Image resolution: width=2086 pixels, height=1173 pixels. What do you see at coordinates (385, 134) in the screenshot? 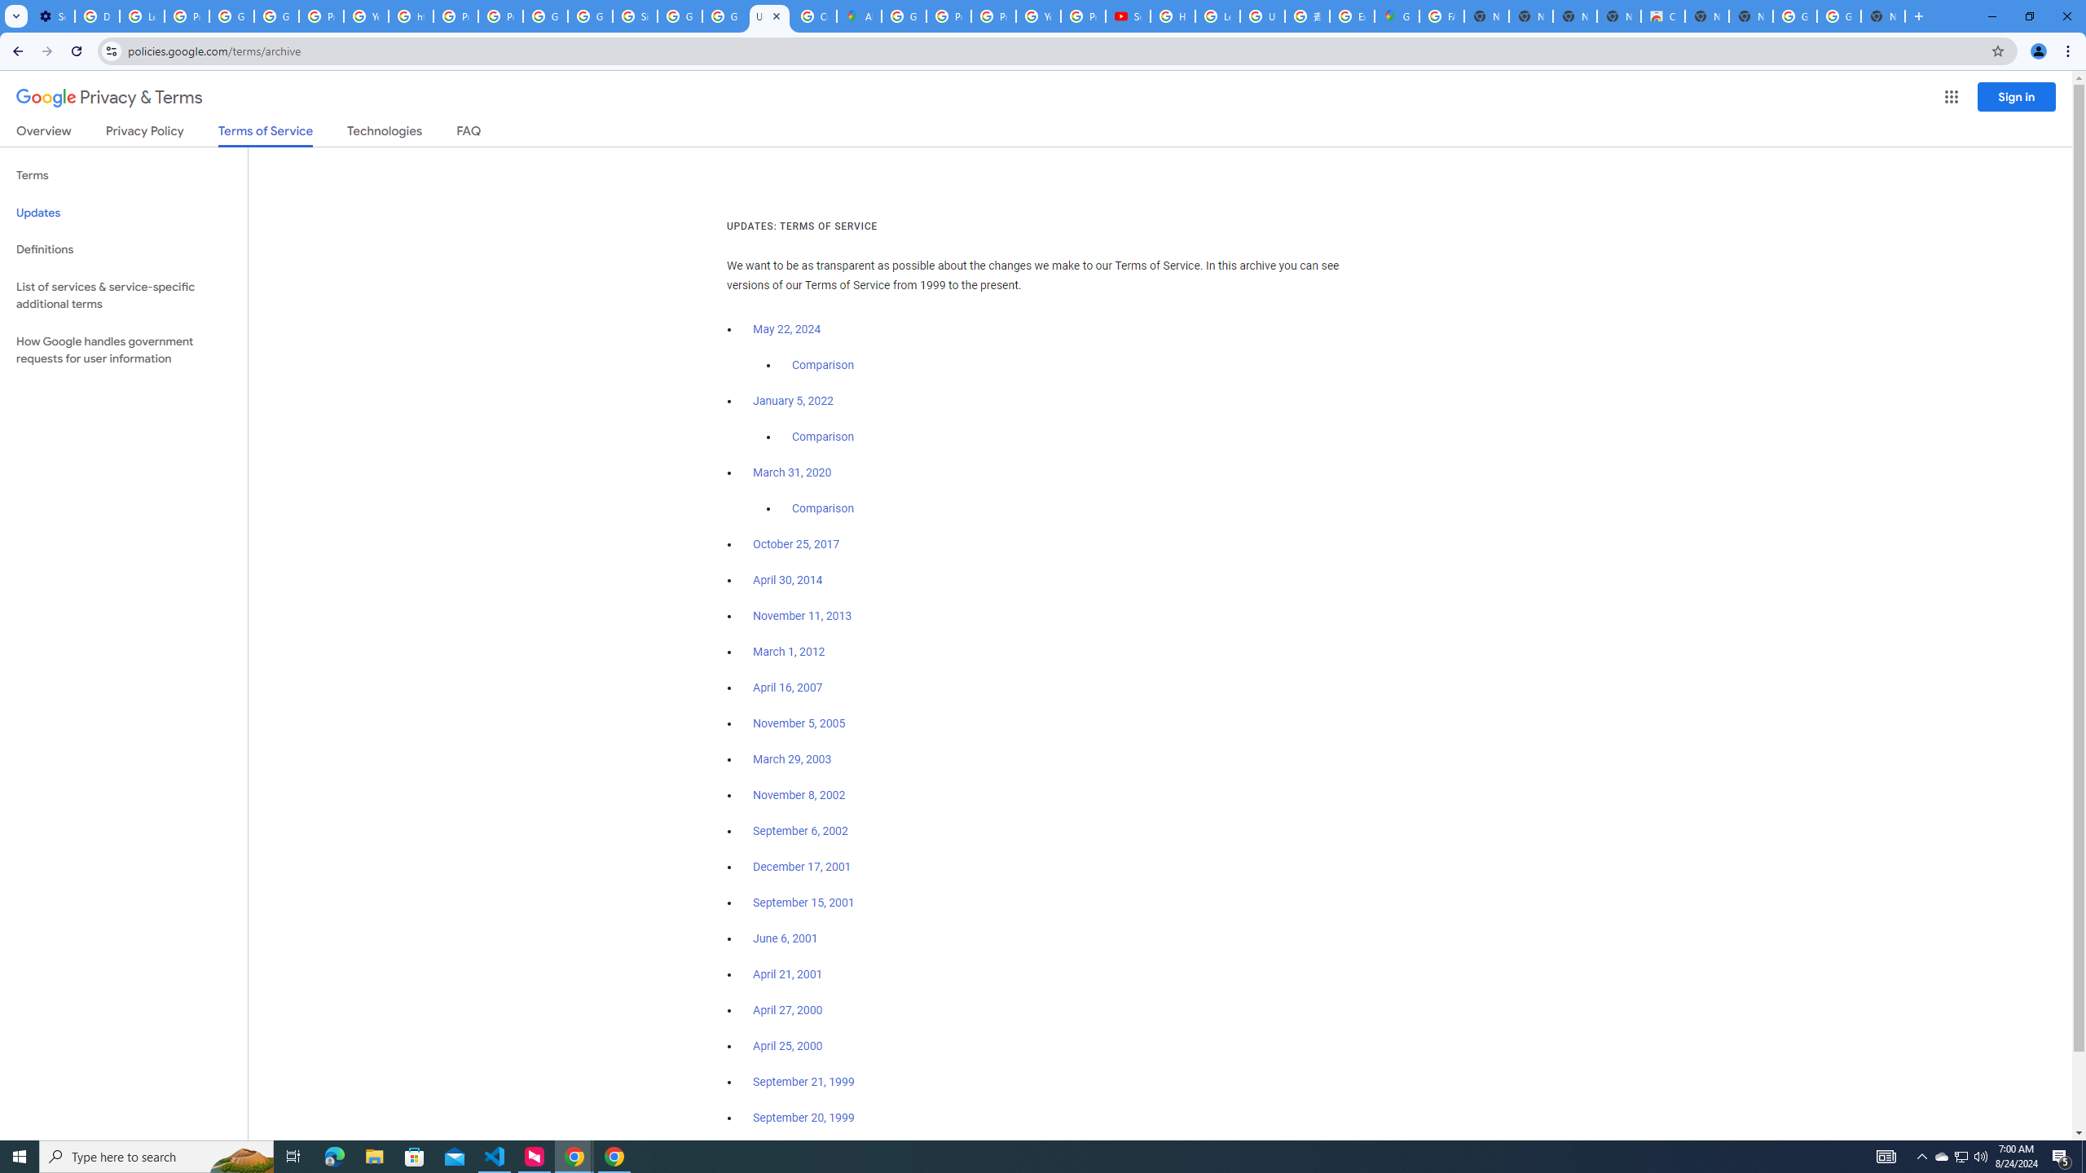
I see `'Technologies'` at bounding box center [385, 134].